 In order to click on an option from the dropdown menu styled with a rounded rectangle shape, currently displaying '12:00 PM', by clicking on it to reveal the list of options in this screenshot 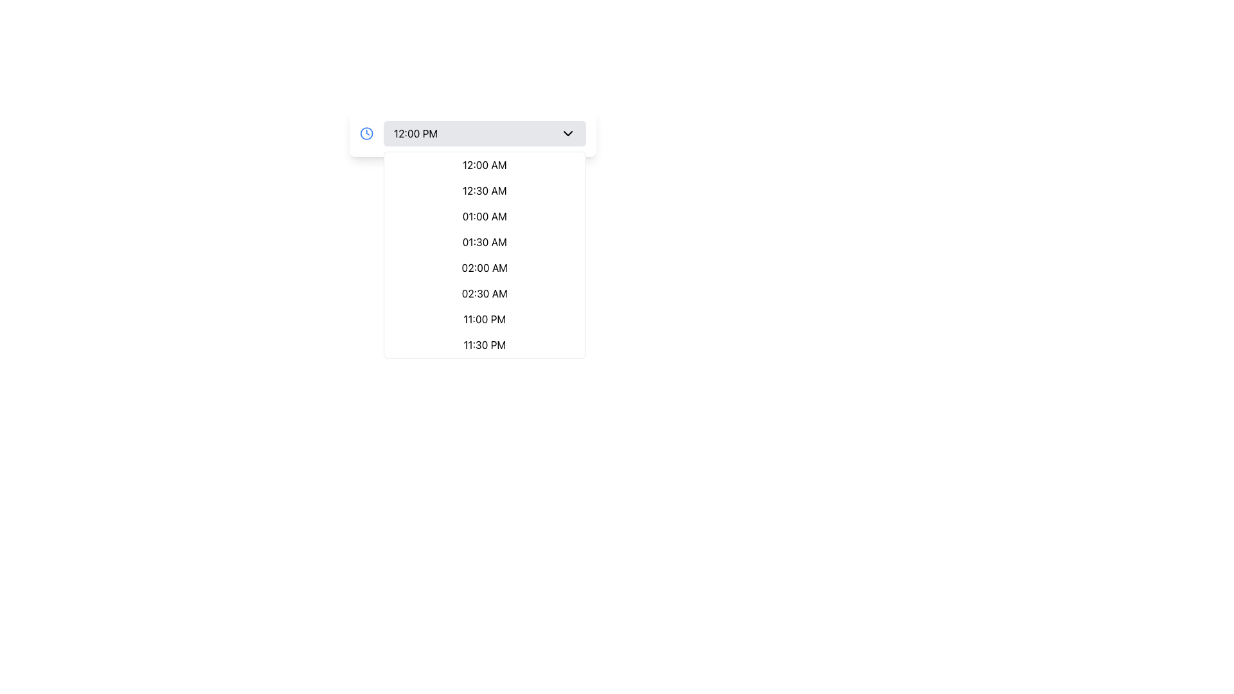, I will do `click(484, 134)`.